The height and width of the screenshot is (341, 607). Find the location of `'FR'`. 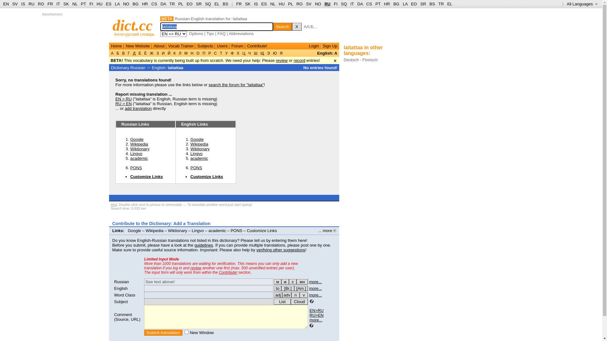

'FR' is located at coordinates (238, 4).